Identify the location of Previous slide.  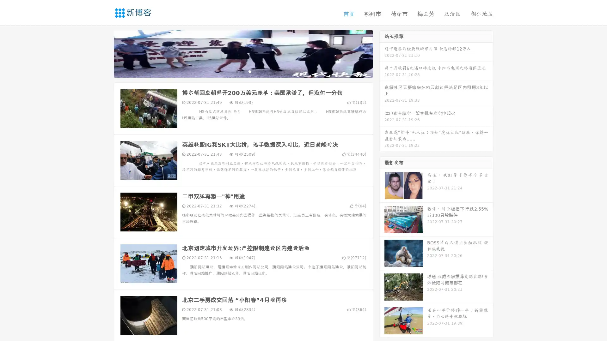
(104, 53).